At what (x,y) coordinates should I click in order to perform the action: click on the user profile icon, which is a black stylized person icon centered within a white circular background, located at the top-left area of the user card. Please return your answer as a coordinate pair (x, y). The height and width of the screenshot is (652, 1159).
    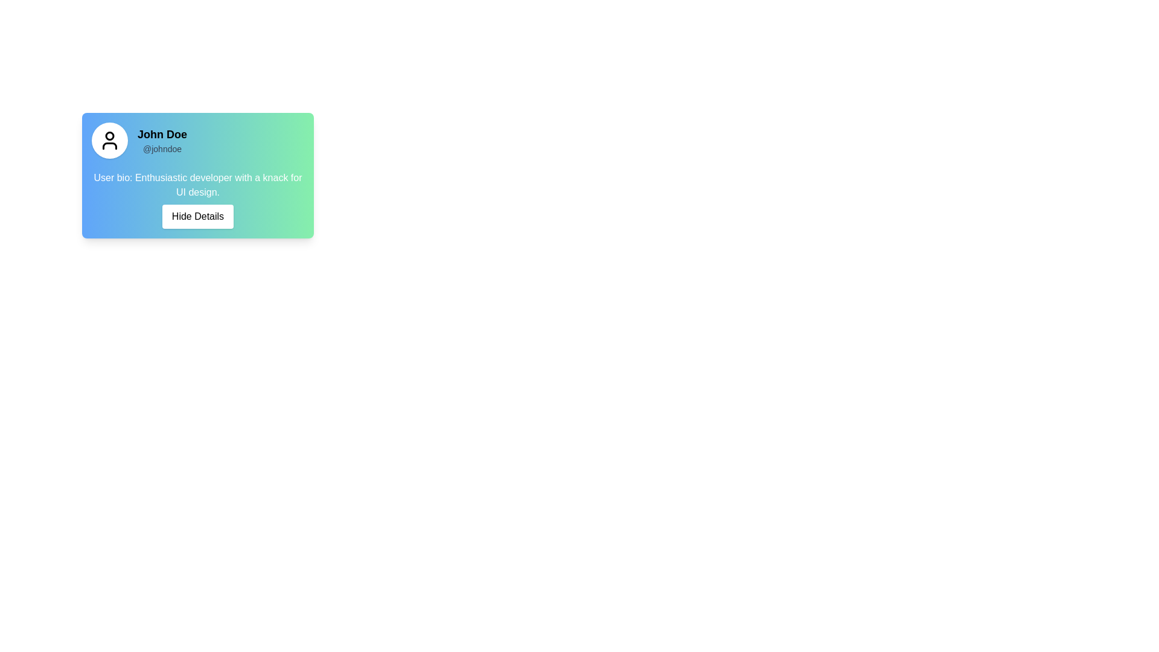
    Looking at the image, I should click on (110, 139).